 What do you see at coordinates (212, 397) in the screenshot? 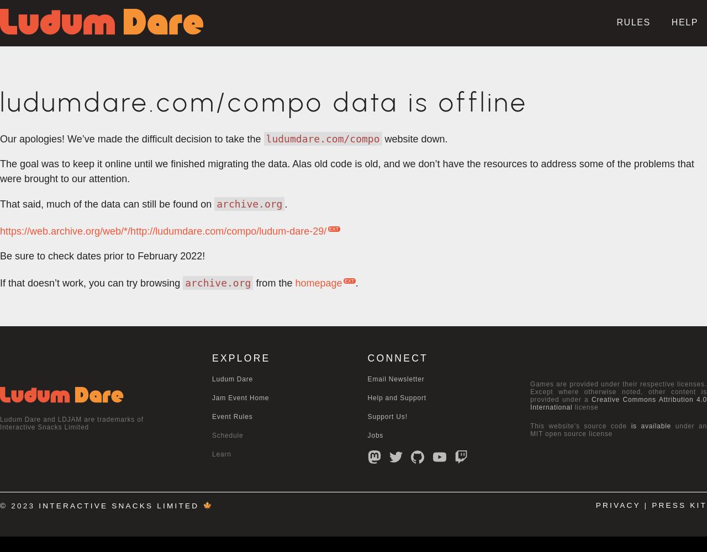
I see `'Jam Event Home'` at bounding box center [212, 397].